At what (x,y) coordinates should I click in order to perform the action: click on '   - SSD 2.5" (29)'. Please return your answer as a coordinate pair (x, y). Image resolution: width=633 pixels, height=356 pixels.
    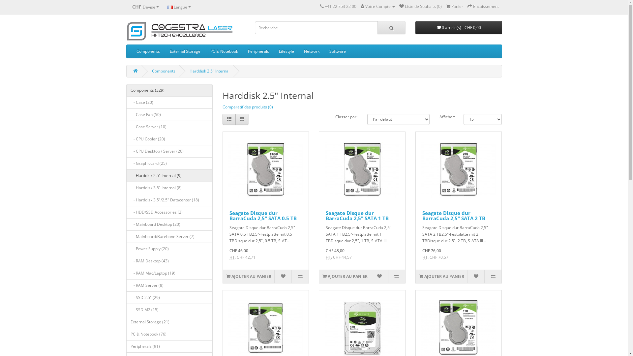
    Looking at the image, I should click on (169, 297).